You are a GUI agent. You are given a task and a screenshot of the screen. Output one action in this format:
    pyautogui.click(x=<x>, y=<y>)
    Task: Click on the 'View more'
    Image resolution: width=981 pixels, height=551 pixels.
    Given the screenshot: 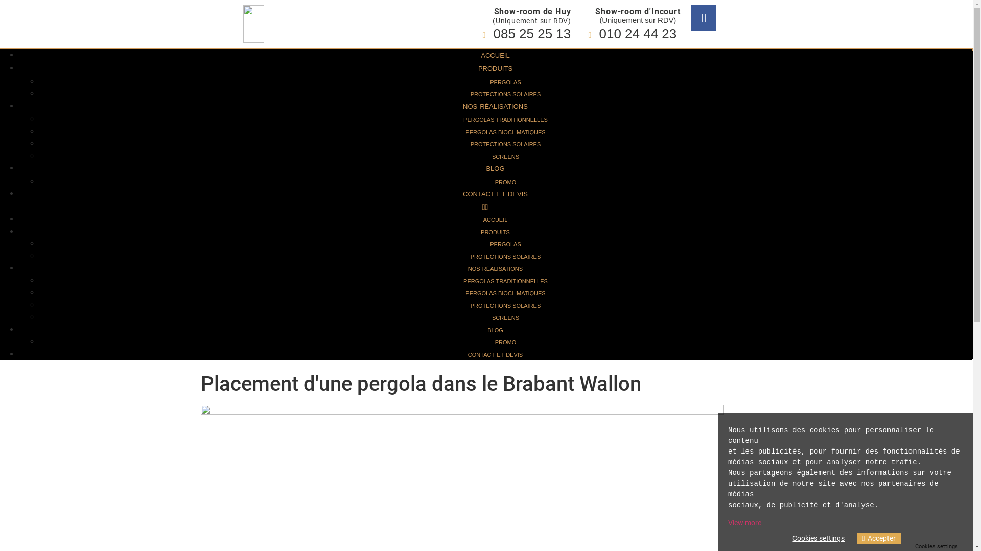 What is the action you would take?
    pyautogui.click(x=744, y=523)
    